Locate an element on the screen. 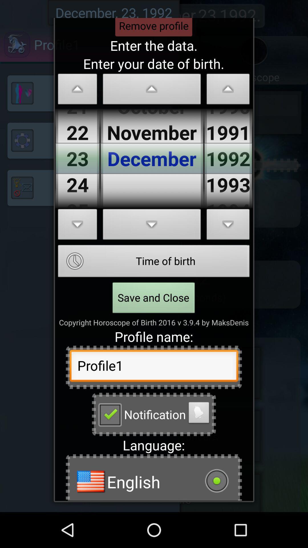 Image resolution: width=308 pixels, height=548 pixels. change year is located at coordinates (228, 226).